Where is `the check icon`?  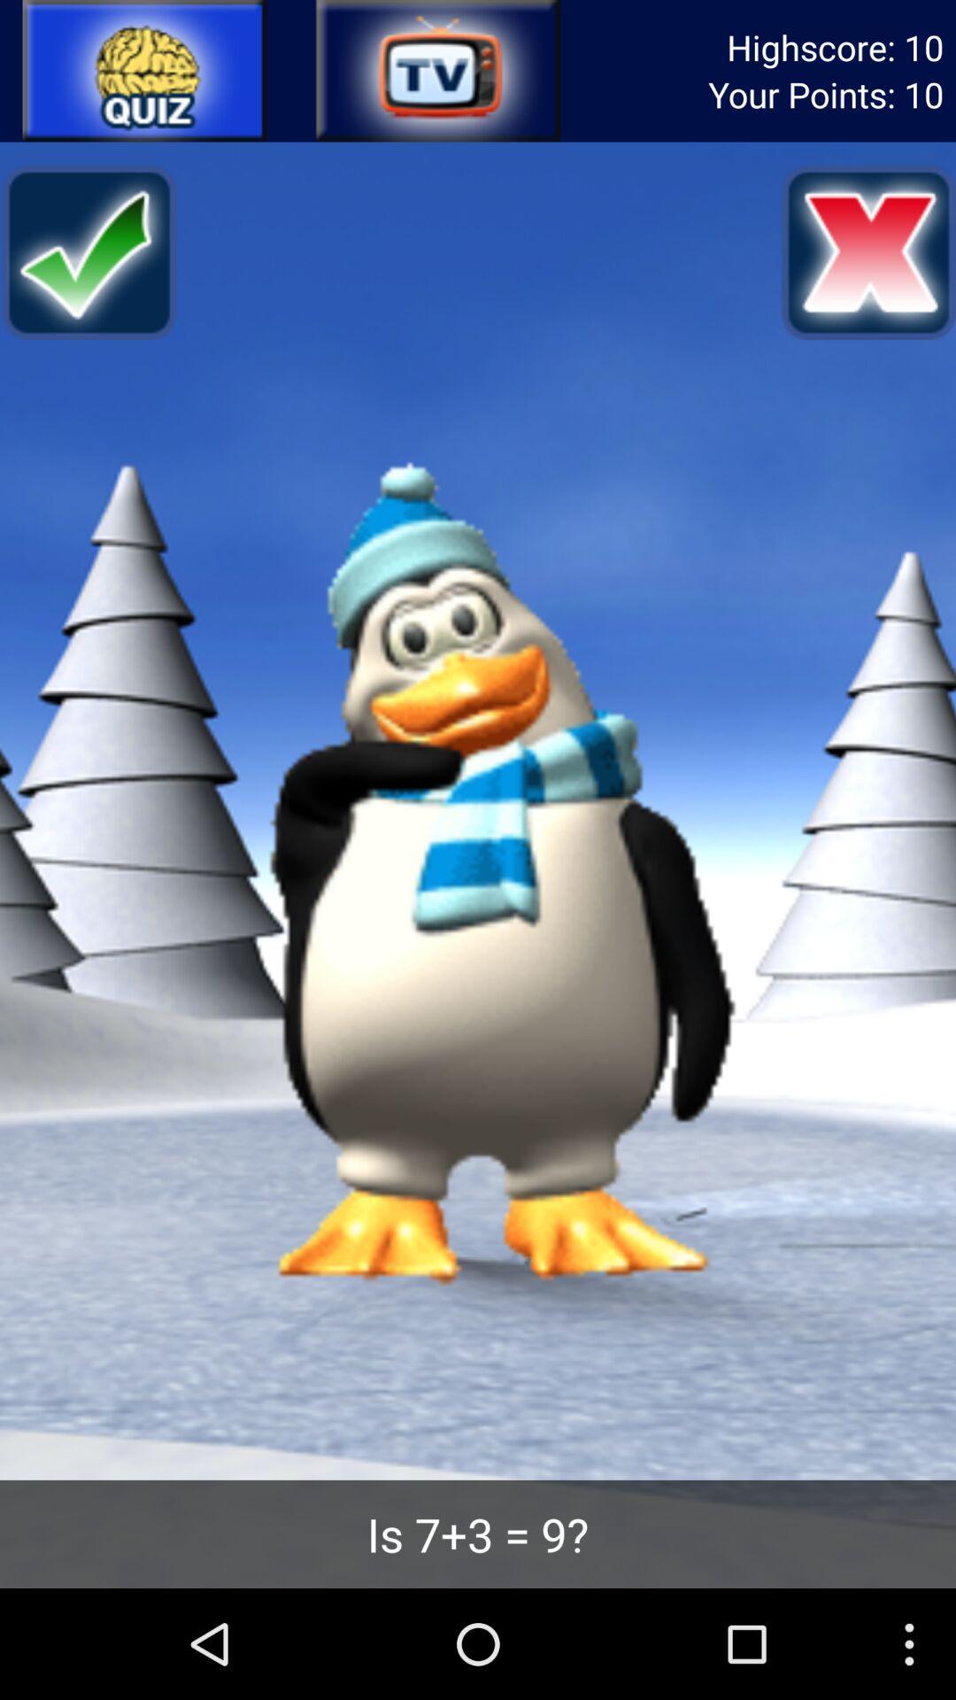
the check icon is located at coordinates (88, 269).